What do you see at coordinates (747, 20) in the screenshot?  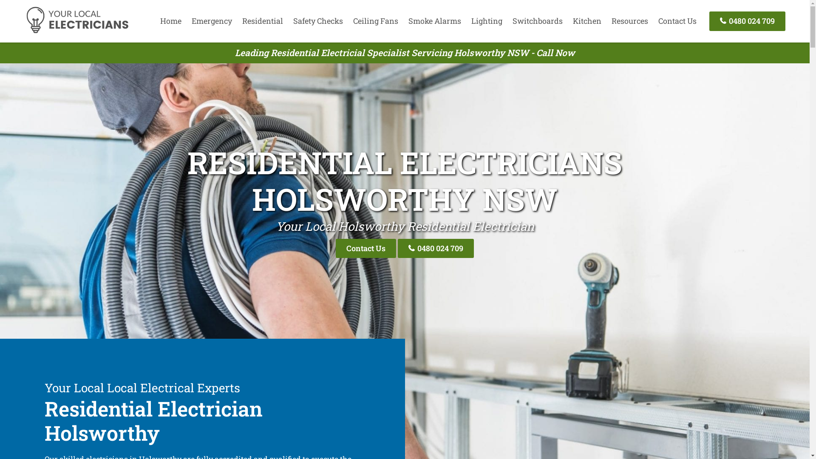 I see `'0480 024 709'` at bounding box center [747, 20].